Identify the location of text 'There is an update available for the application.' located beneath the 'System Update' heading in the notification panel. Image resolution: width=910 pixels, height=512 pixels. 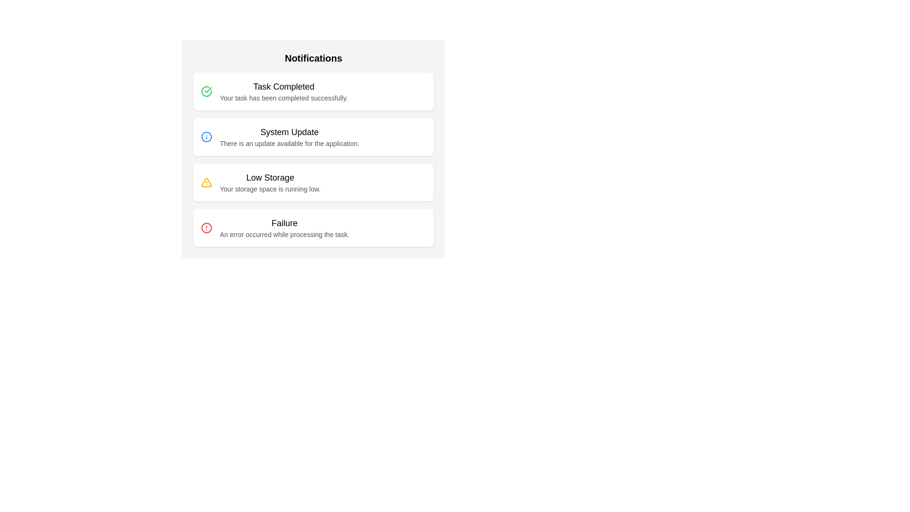
(289, 144).